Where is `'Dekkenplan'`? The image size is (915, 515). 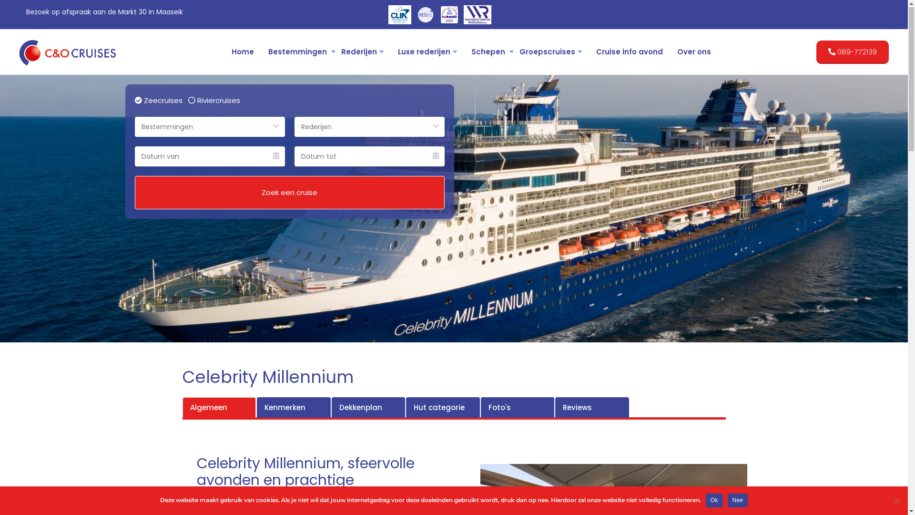 'Dekkenplan' is located at coordinates (368, 408).